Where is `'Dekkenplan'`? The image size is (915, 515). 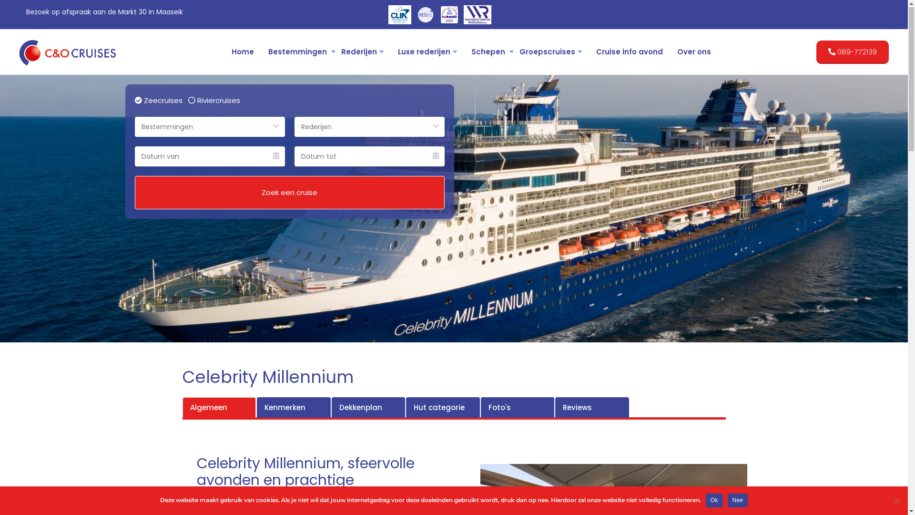 'Dekkenplan' is located at coordinates (368, 408).